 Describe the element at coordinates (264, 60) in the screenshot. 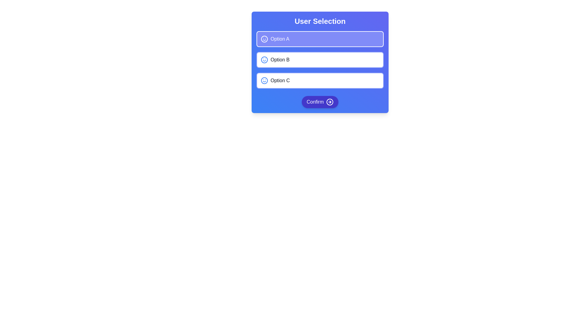

I see `the Circular SVG element with a blue outline, which is part of a smiley face icon, positioned to the left of the text 'Option B'` at that location.